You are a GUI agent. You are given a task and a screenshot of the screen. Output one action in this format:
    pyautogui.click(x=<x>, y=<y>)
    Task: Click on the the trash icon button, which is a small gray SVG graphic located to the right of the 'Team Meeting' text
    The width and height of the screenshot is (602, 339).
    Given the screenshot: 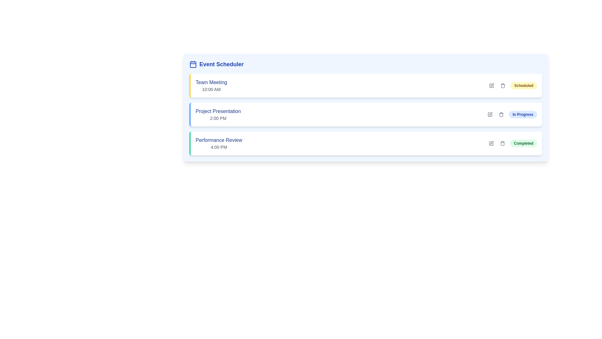 What is the action you would take?
    pyautogui.click(x=503, y=86)
    